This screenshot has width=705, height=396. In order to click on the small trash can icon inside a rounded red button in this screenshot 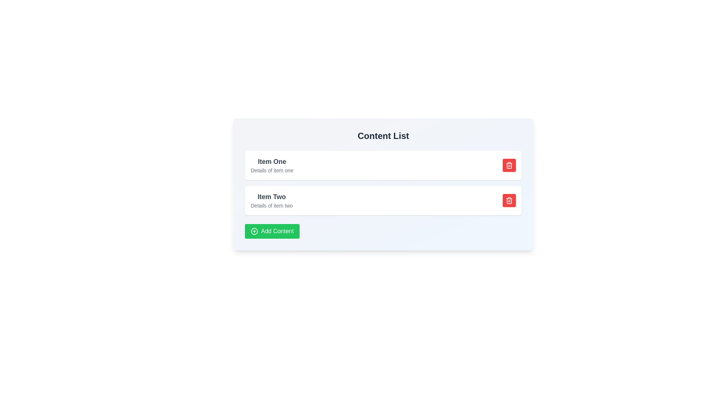, I will do `click(509, 165)`.